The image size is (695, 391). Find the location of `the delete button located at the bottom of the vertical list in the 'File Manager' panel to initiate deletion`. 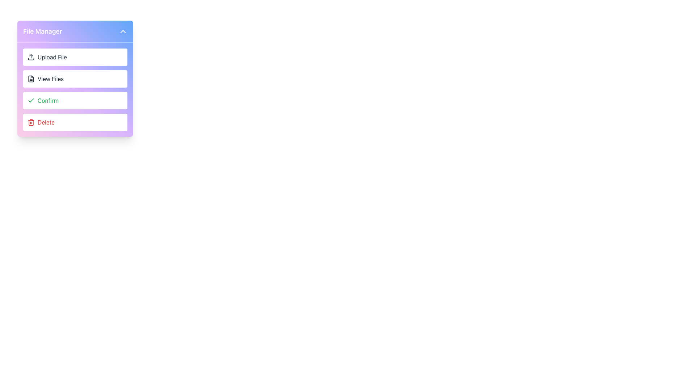

the delete button located at the bottom of the vertical list in the 'File Manager' panel to initiate deletion is located at coordinates (75, 122).